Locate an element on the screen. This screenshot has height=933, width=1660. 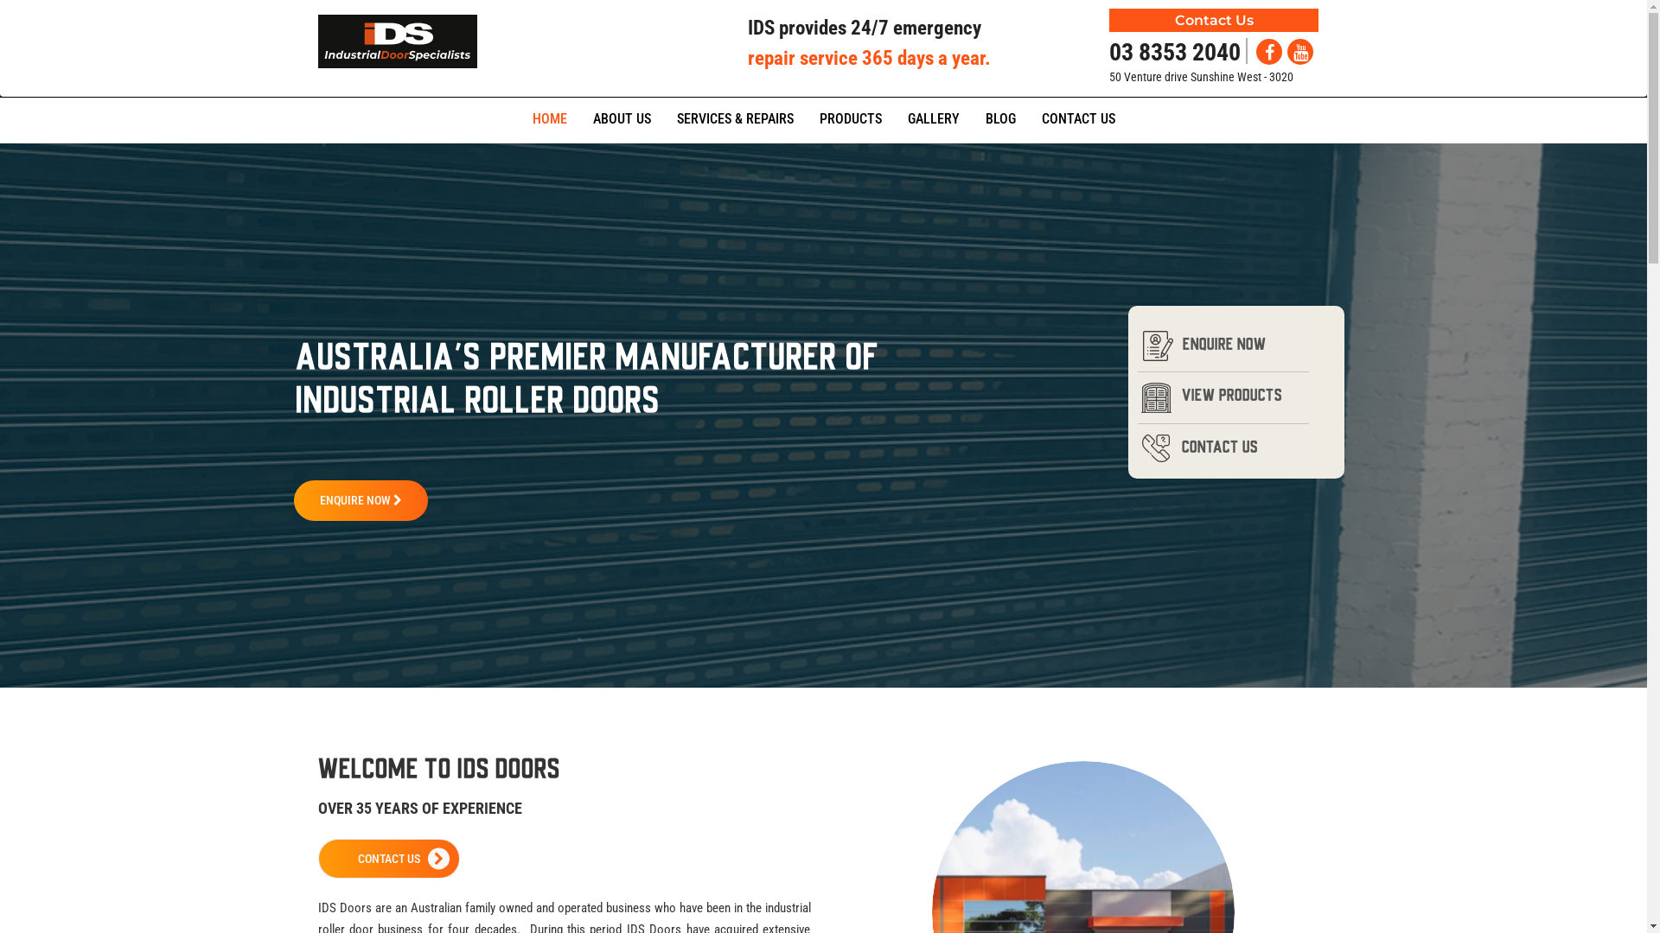
'03 8353 2040' is located at coordinates (1176, 51).